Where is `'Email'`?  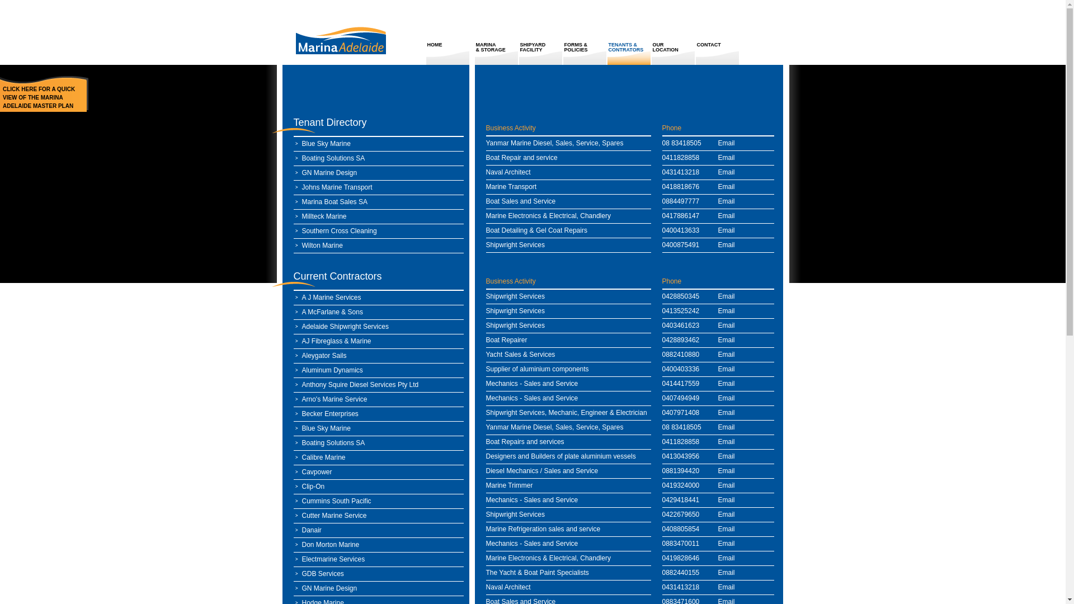 'Email' is located at coordinates (727, 499).